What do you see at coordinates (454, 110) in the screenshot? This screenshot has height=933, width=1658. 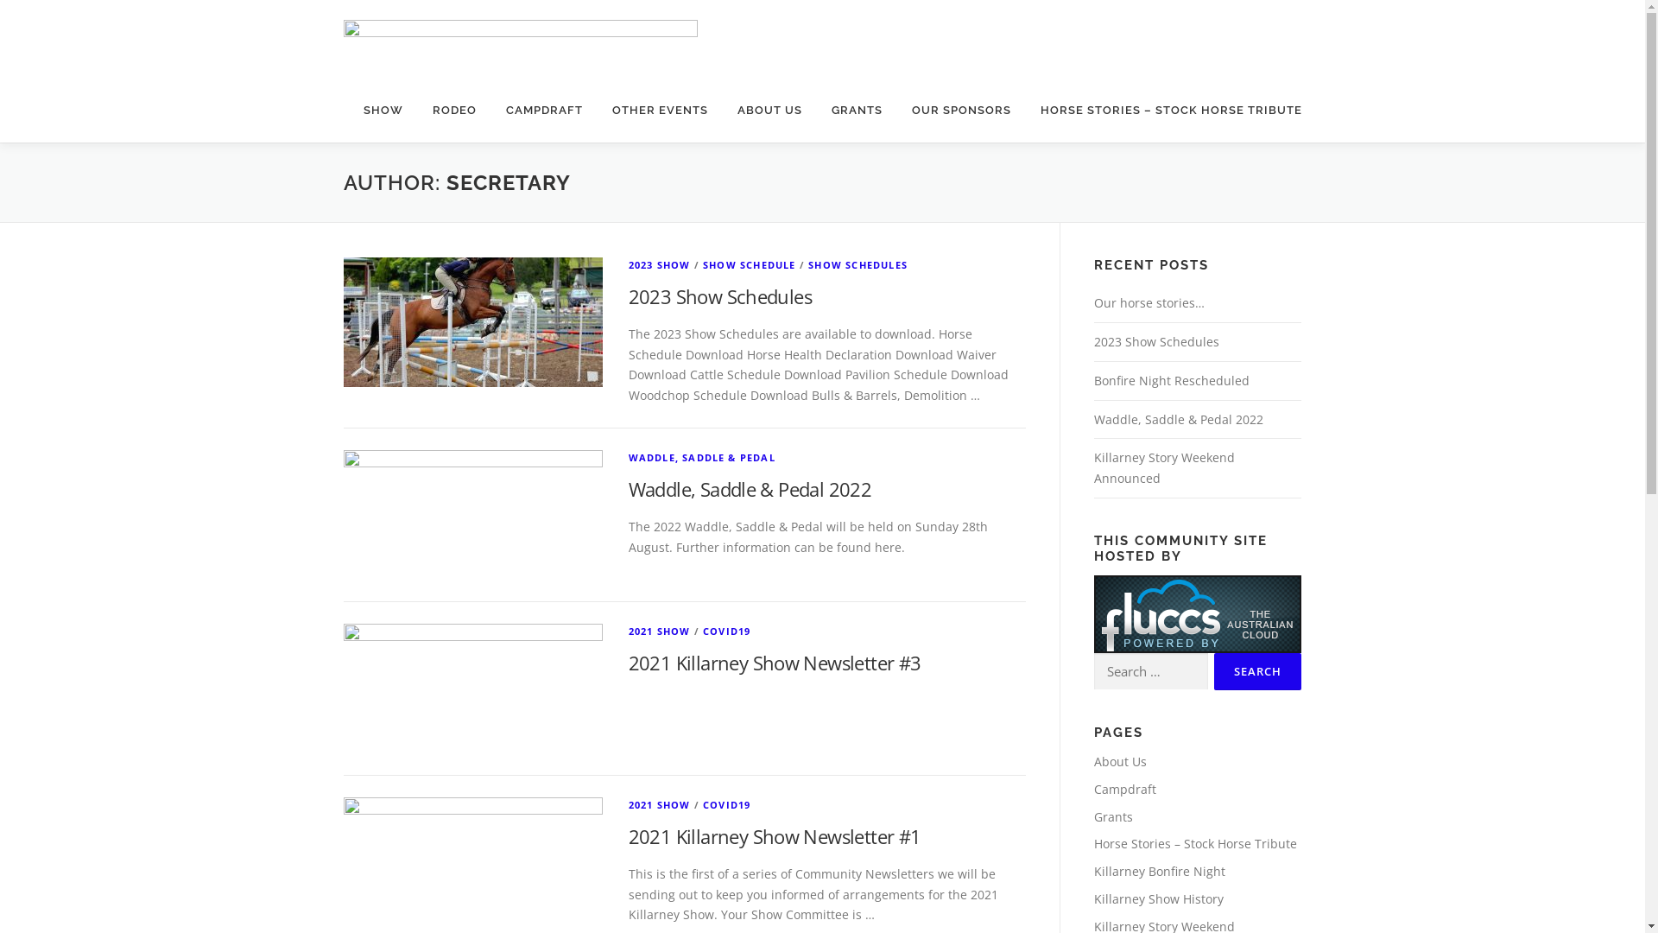 I see `'RODEO'` at bounding box center [454, 110].